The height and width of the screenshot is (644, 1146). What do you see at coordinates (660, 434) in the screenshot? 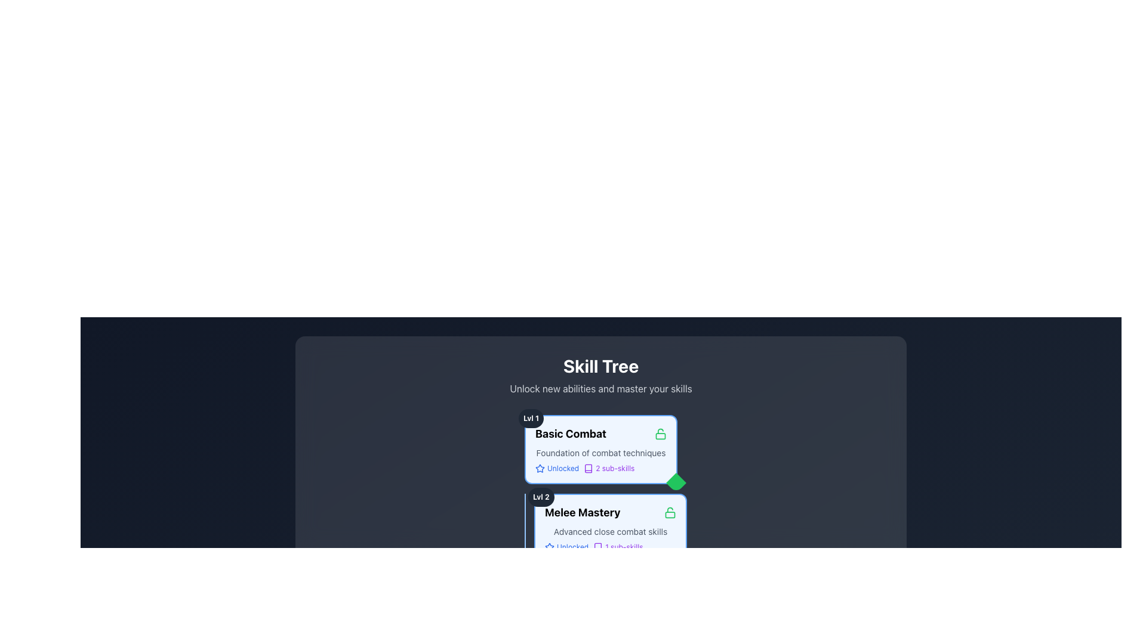
I see `the green open padlock icon located to the right of the 'Basic Combat' label in the Skill Tree interface` at bounding box center [660, 434].